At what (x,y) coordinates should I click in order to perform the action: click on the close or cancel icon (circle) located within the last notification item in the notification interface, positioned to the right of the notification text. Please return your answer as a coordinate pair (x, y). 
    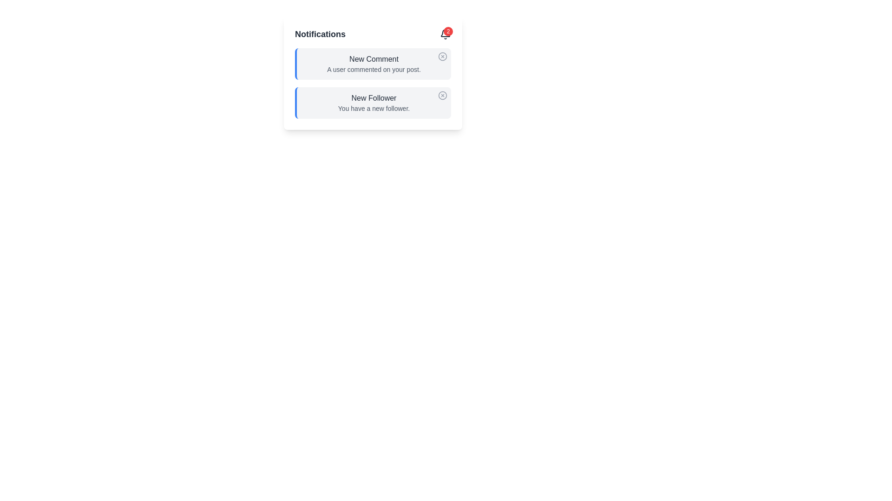
    Looking at the image, I should click on (442, 95).